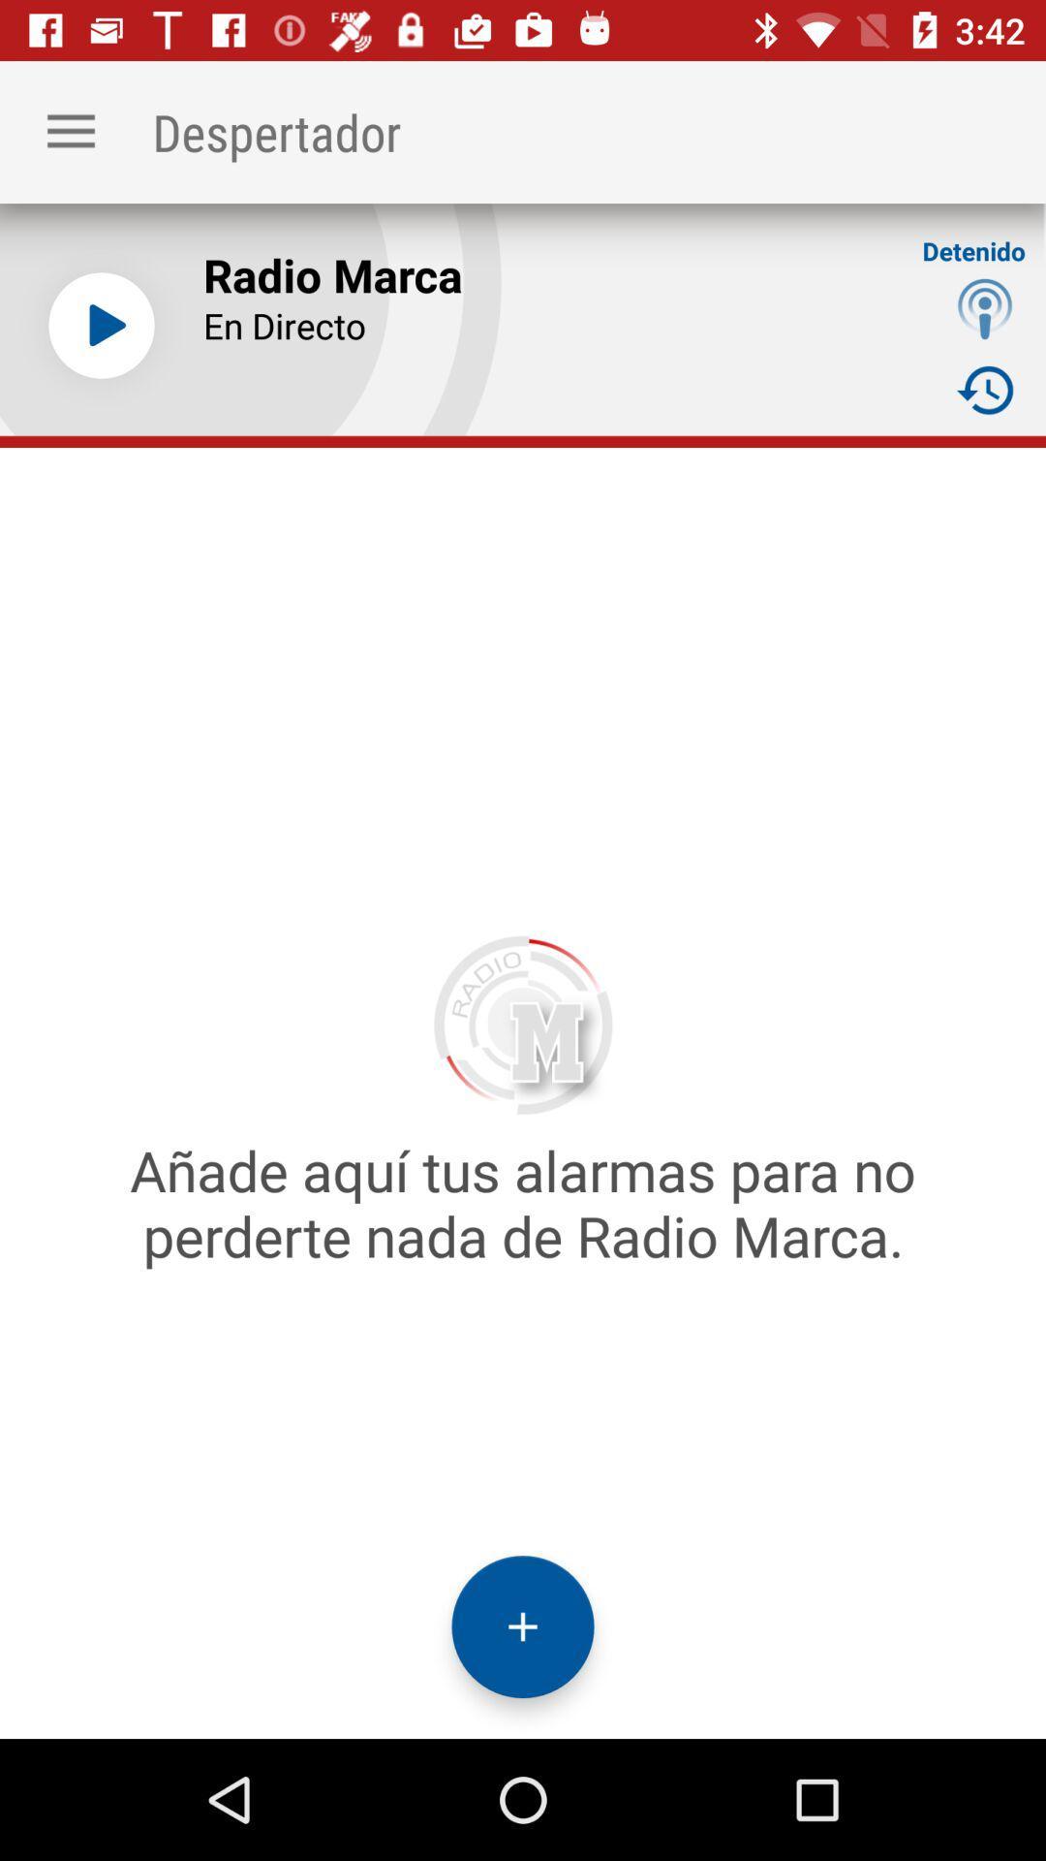  Describe the element at coordinates (985, 307) in the screenshot. I see `the info icon` at that location.